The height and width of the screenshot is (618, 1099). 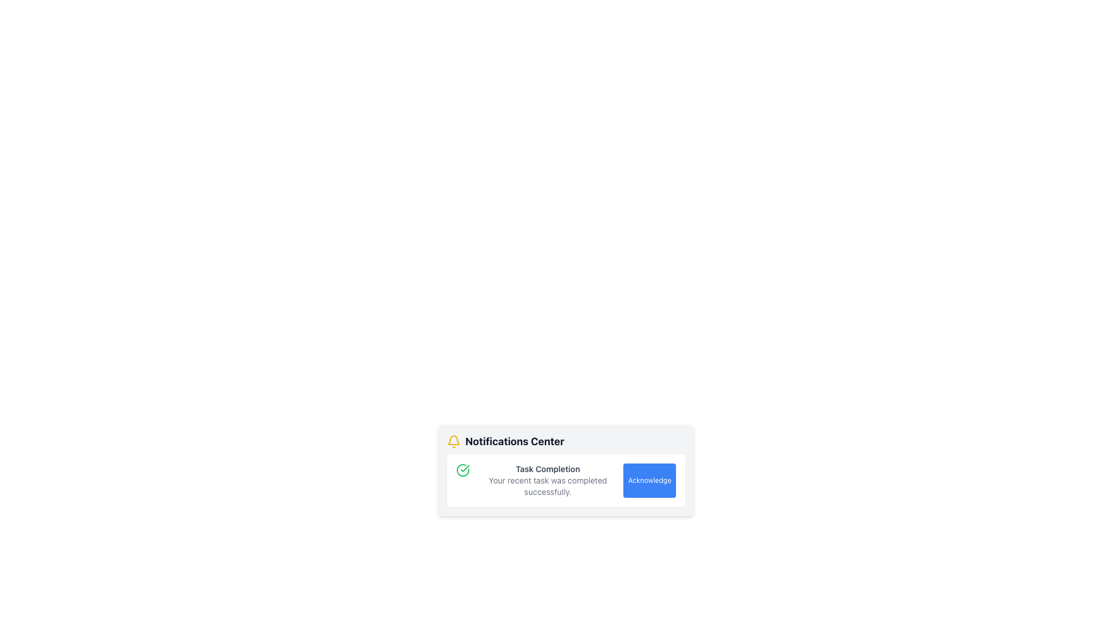 I want to click on the text label that displays the message 'Your recent task was completed successfully.' located in the 'Task Completion' notification block, so click(x=547, y=486).